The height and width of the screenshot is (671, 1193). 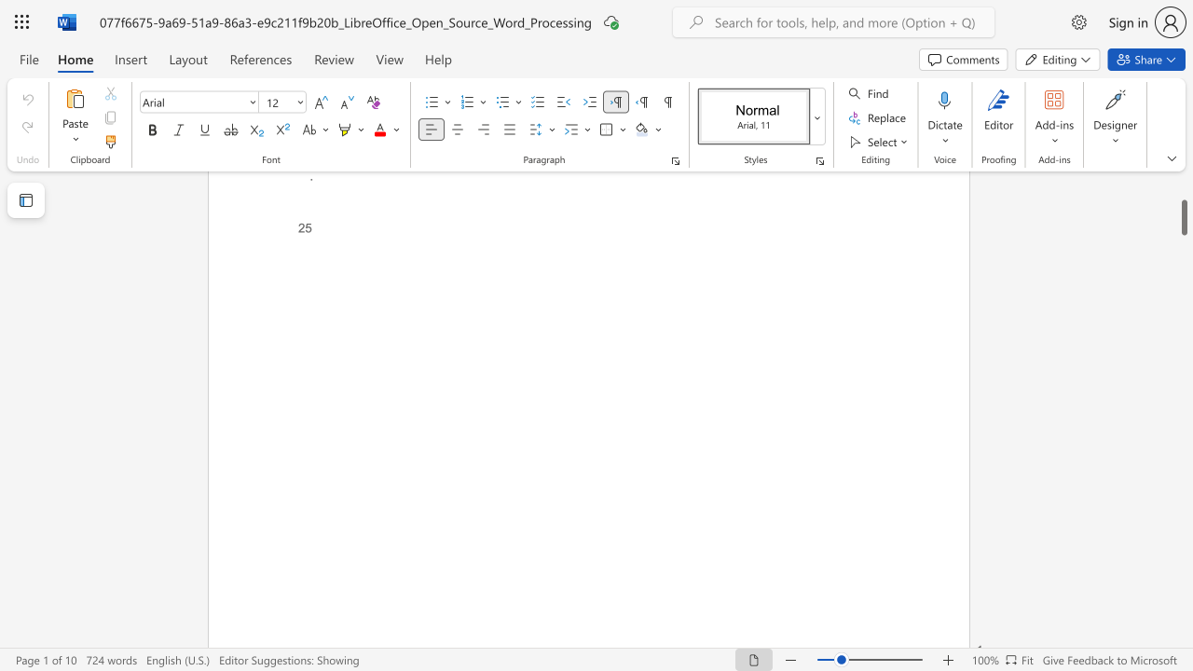 What do you see at coordinates (346, 487) in the screenshot?
I see `the 1th character "e" in the text` at bounding box center [346, 487].